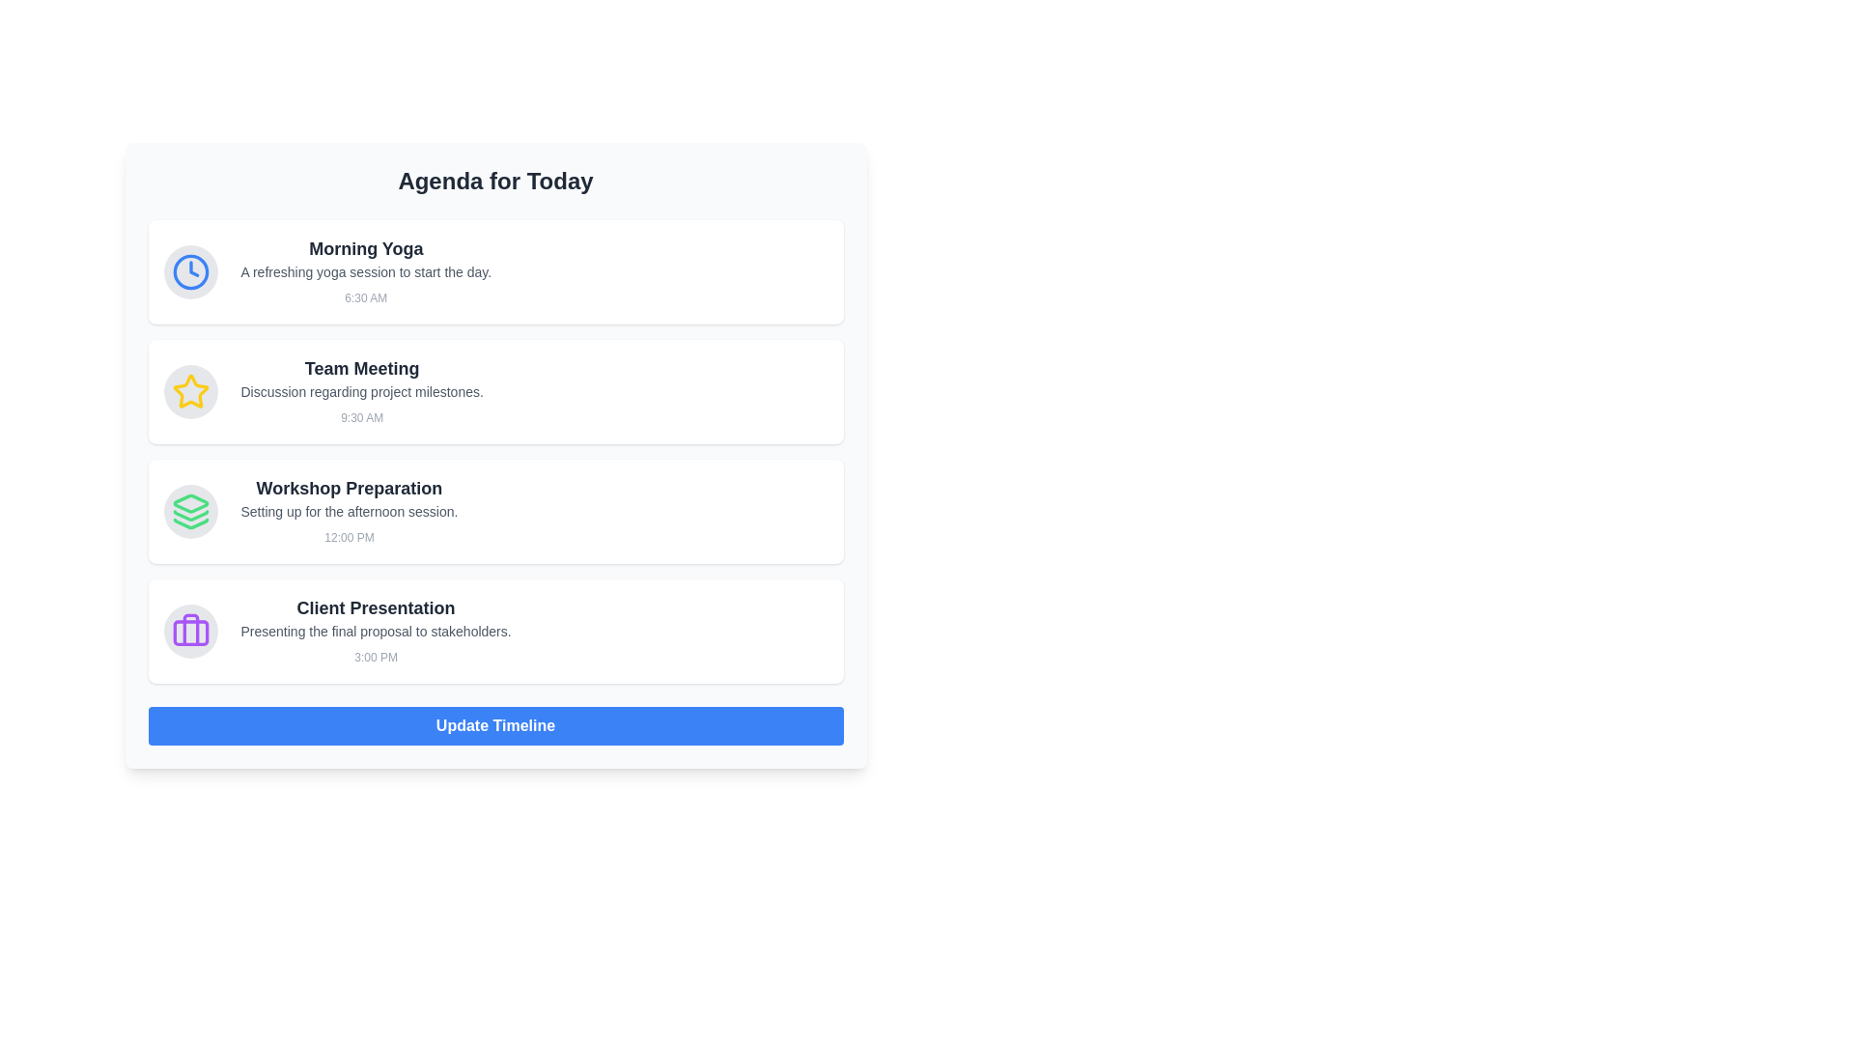  I want to click on the text label displaying 'Morning Yoga', which identifies the scheduled activity in the agenda interface, so click(366, 248).